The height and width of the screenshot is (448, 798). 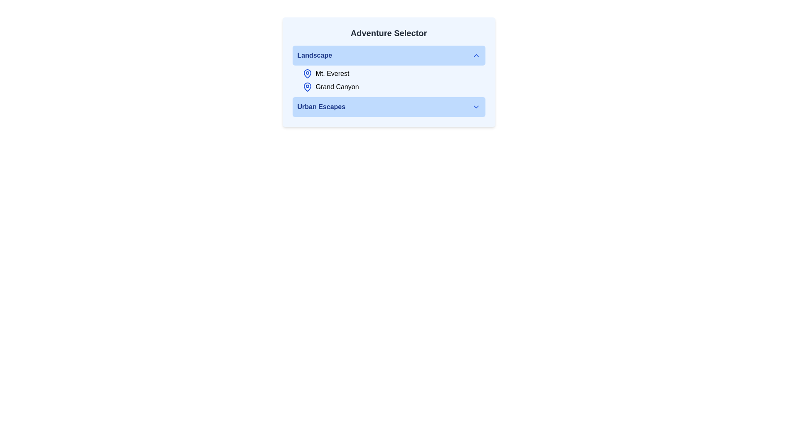 I want to click on the bold title text element labeled 'Adventure Selector', which is prominently displayed at the top of a light blue card layout, so click(x=388, y=33).